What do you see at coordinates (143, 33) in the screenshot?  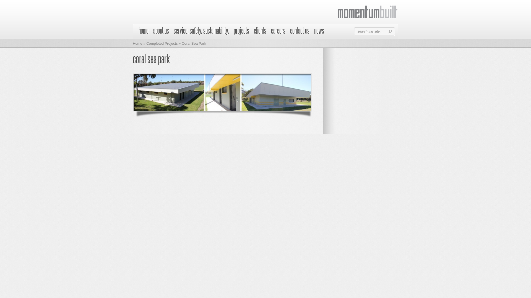 I see `'home'` at bounding box center [143, 33].